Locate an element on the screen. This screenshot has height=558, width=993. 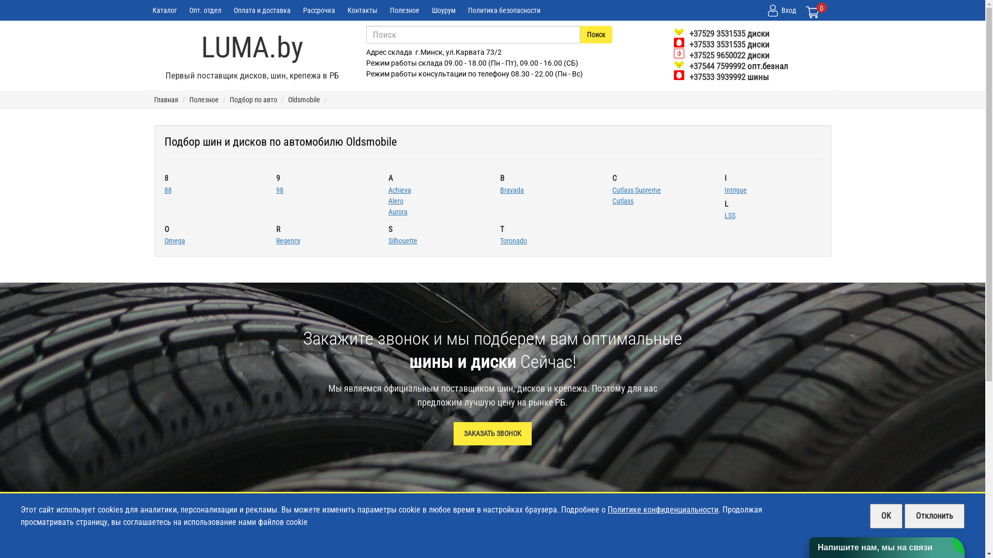
'Cutlass' is located at coordinates (622, 200).